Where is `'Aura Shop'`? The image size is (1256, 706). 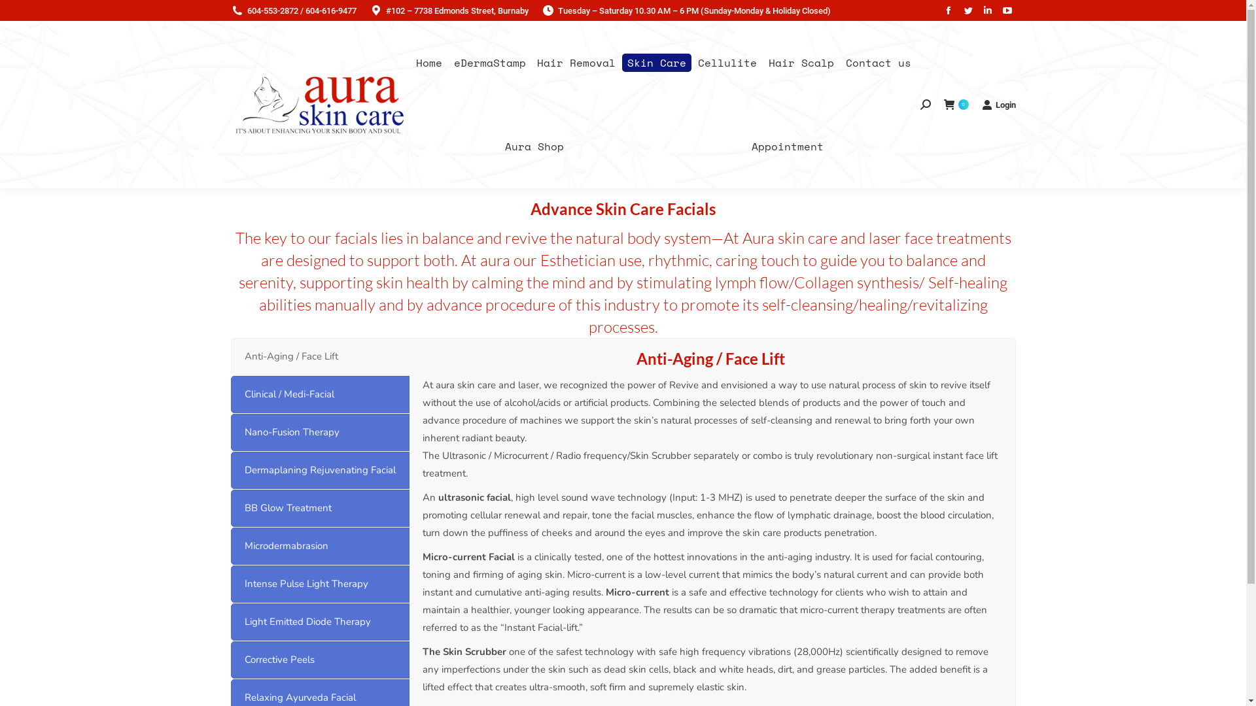
'Aura Shop' is located at coordinates (534, 146).